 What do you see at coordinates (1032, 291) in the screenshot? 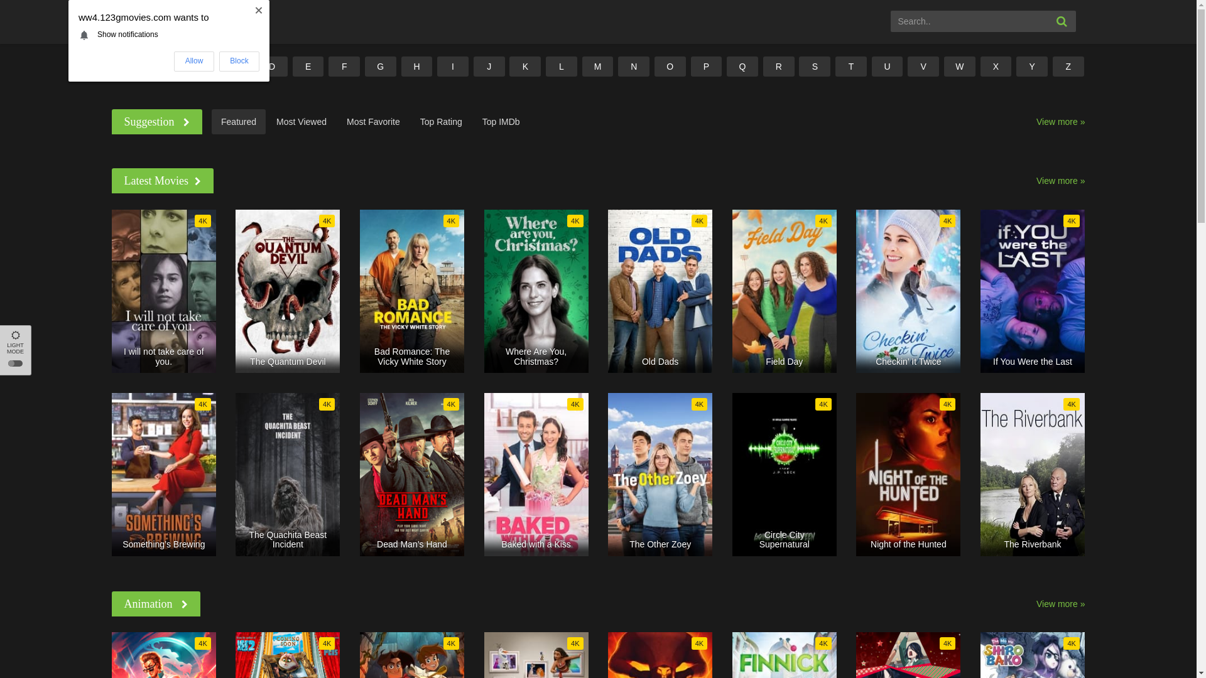
I see `'4K` at bounding box center [1032, 291].